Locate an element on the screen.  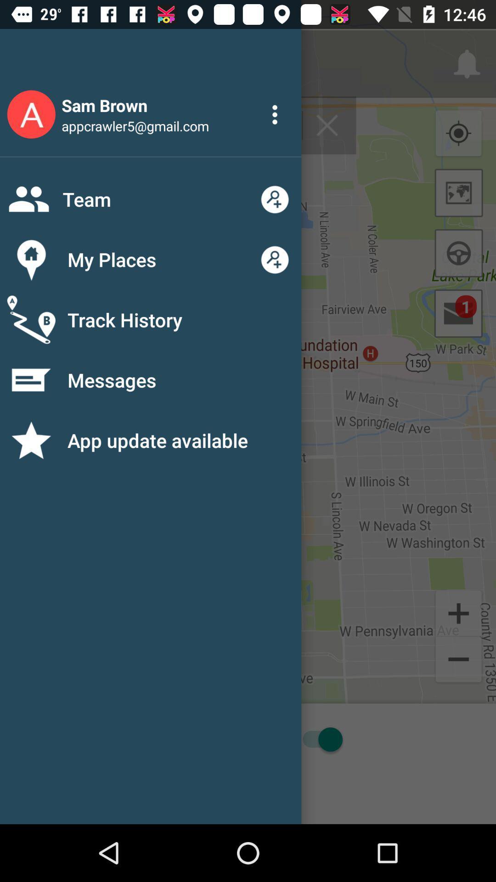
the minus icon is located at coordinates (458, 660).